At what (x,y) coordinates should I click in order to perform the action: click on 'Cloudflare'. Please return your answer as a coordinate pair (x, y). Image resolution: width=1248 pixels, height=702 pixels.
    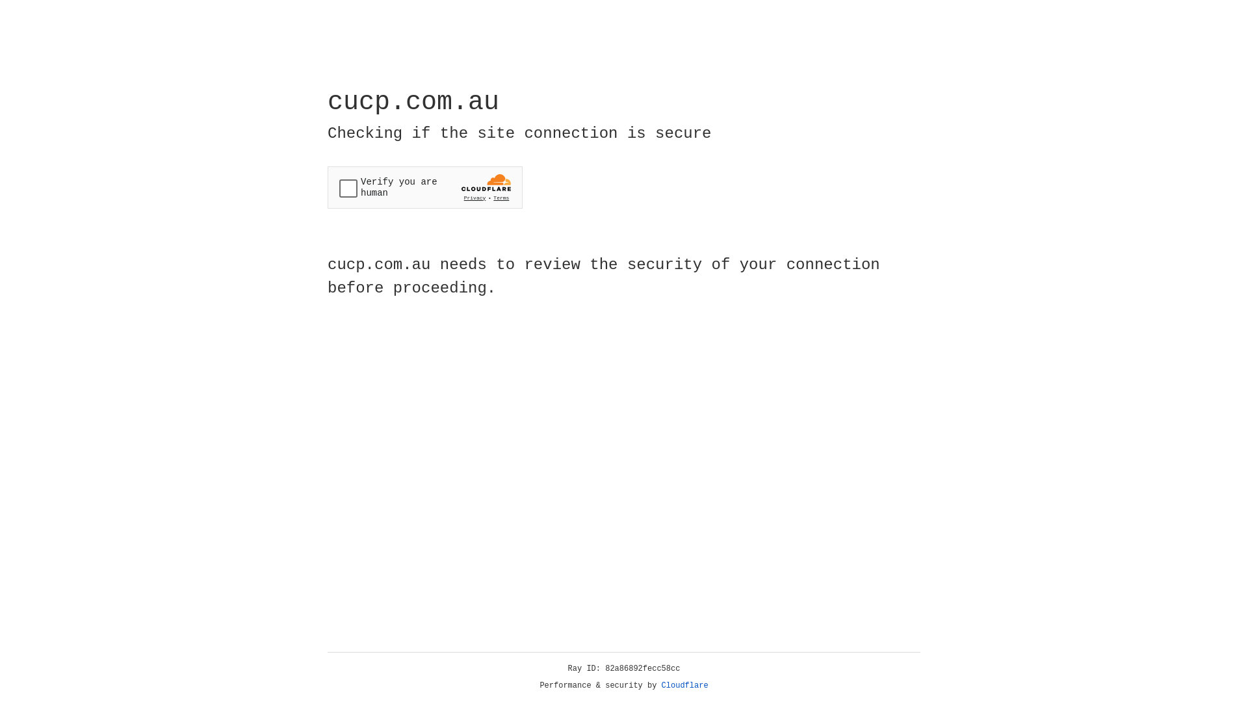
    Looking at the image, I should click on (684, 685).